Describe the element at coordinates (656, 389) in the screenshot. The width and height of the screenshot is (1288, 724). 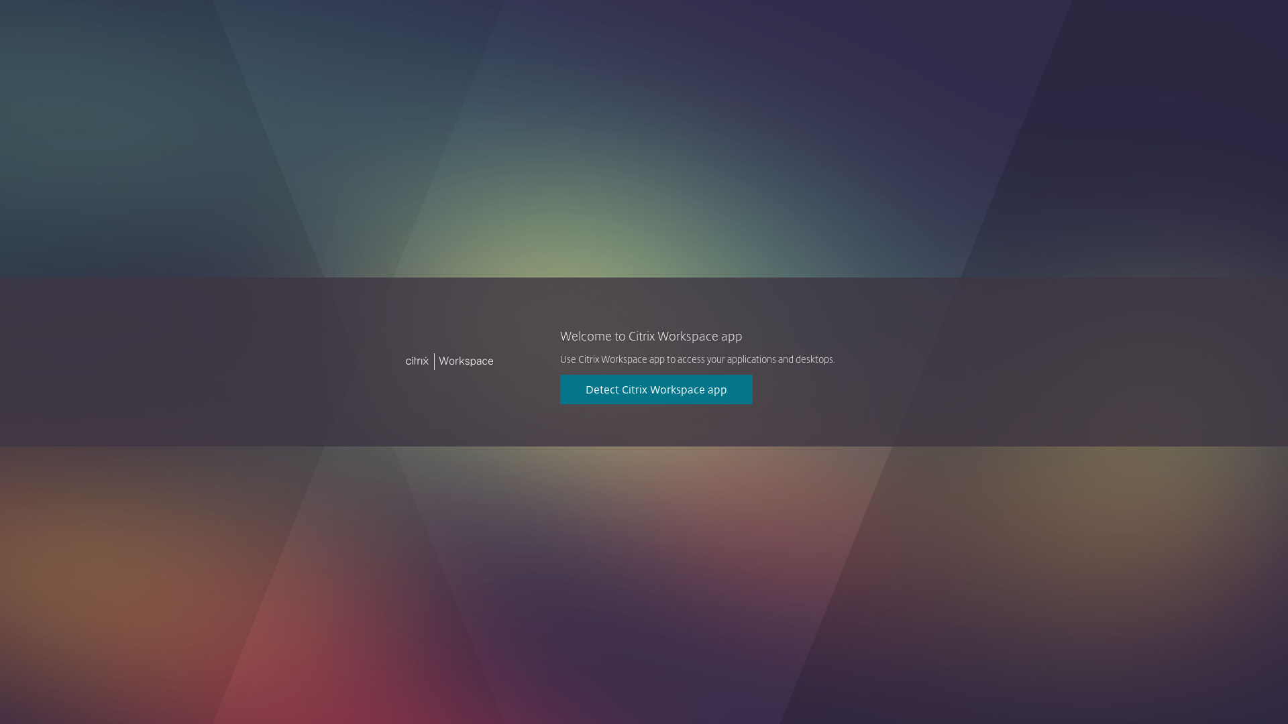
I see `'Detect Citrix Workspace app'` at that location.